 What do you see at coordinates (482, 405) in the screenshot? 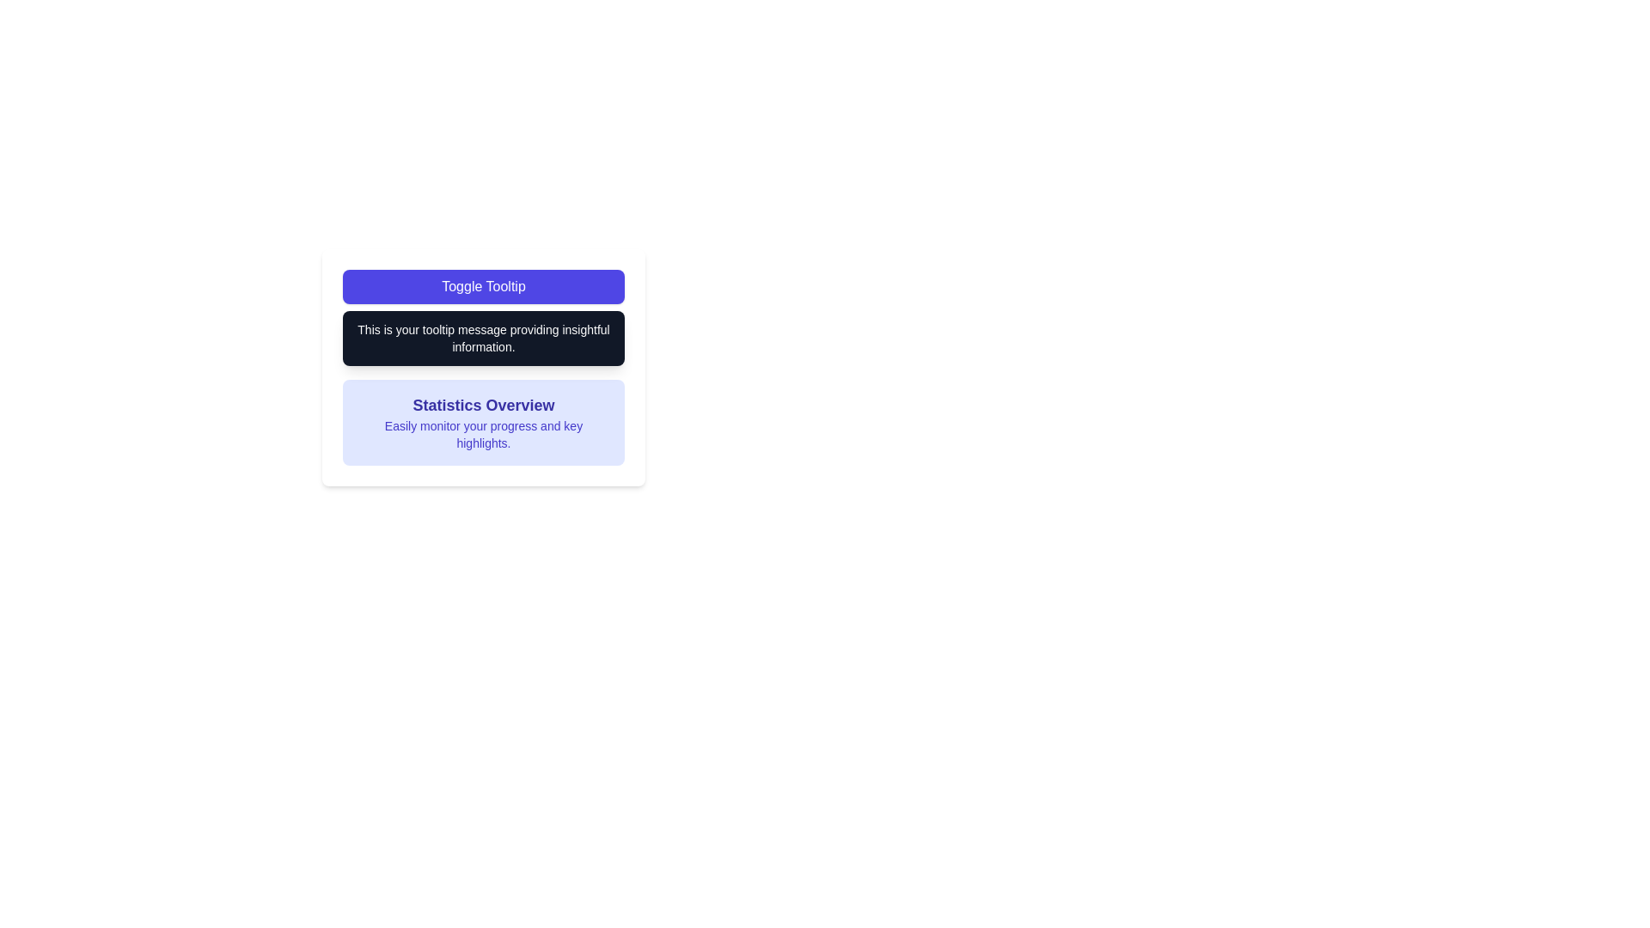
I see `the text 'Statistics Overview' for copying from the prominent text label styled in large, bold indigo font` at bounding box center [482, 405].